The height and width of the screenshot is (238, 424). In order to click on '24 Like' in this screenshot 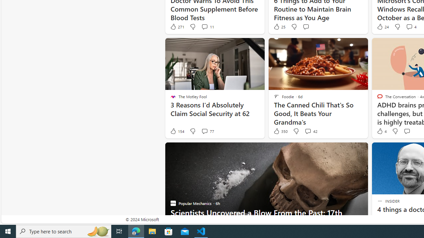, I will do `click(382, 26)`.